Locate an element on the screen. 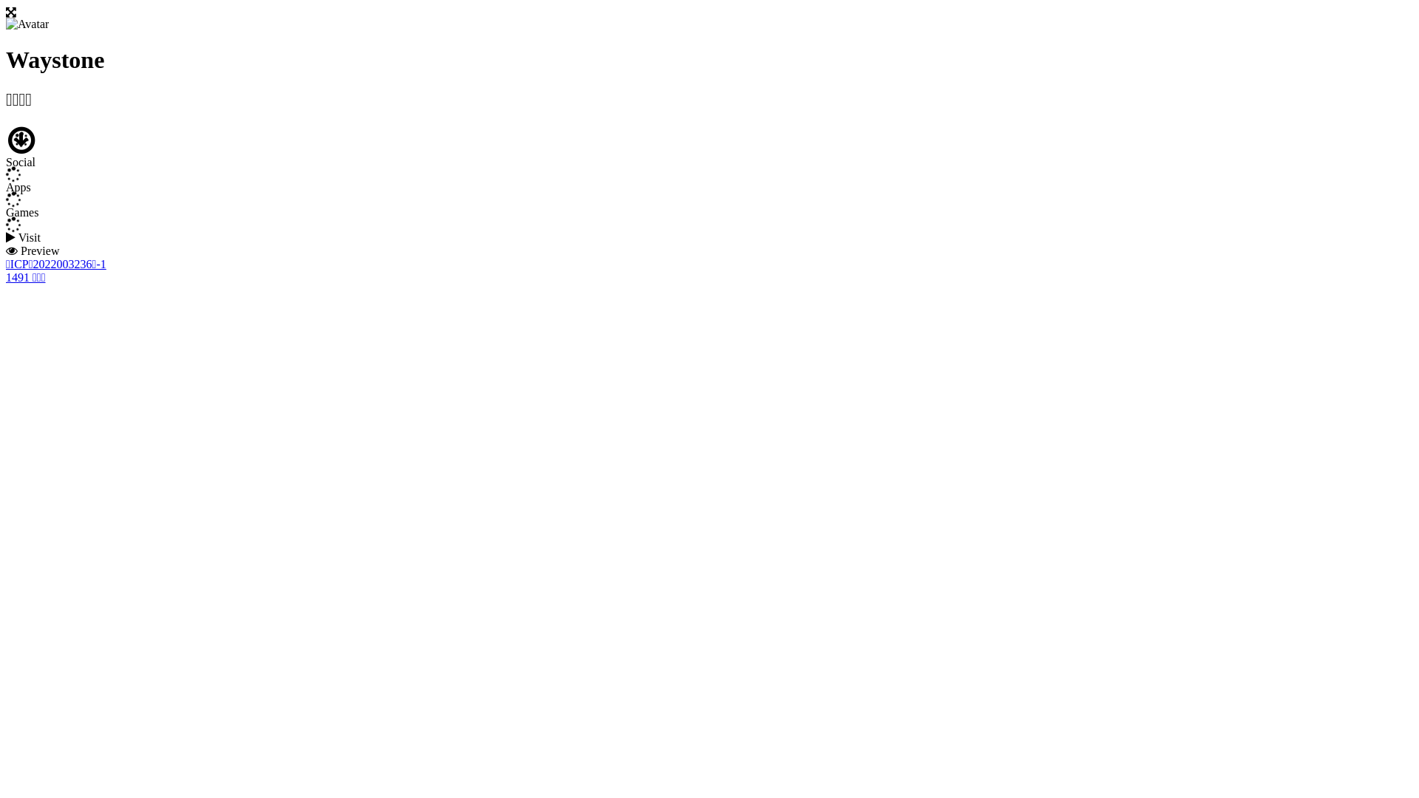  'Avatar' is located at coordinates (6, 24).